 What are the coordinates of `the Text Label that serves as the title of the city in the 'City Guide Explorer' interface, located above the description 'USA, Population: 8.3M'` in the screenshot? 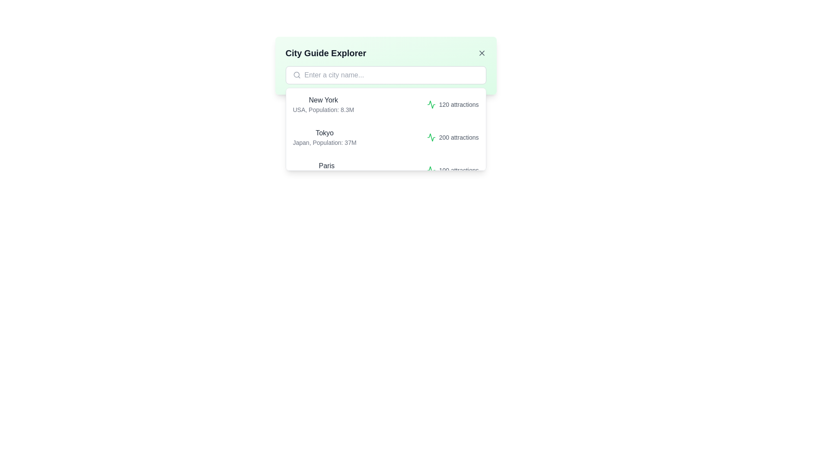 It's located at (323, 99).